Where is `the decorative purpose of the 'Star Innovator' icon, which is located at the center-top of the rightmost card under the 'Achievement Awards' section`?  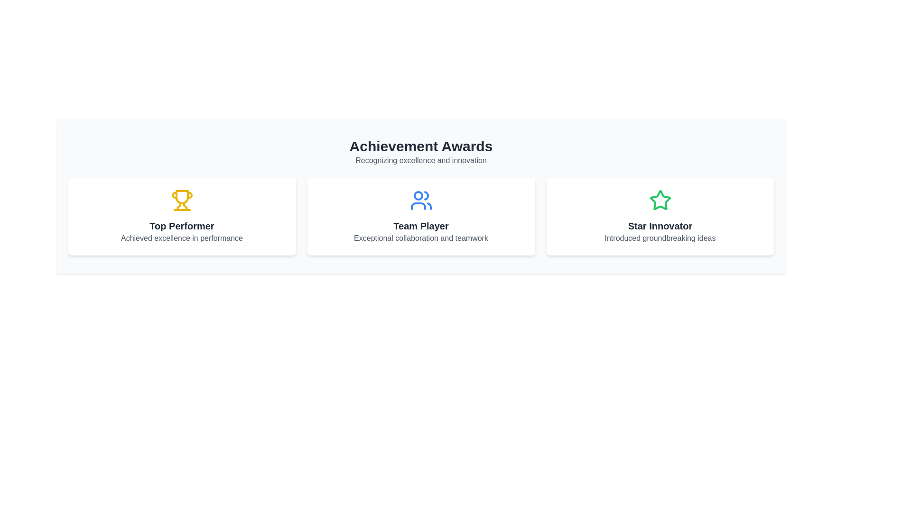
the decorative purpose of the 'Star Innovator' icon, which is located at the center-top of the rightmost card under the 'Achievement Awards' section is located at coordinates (660, 200).